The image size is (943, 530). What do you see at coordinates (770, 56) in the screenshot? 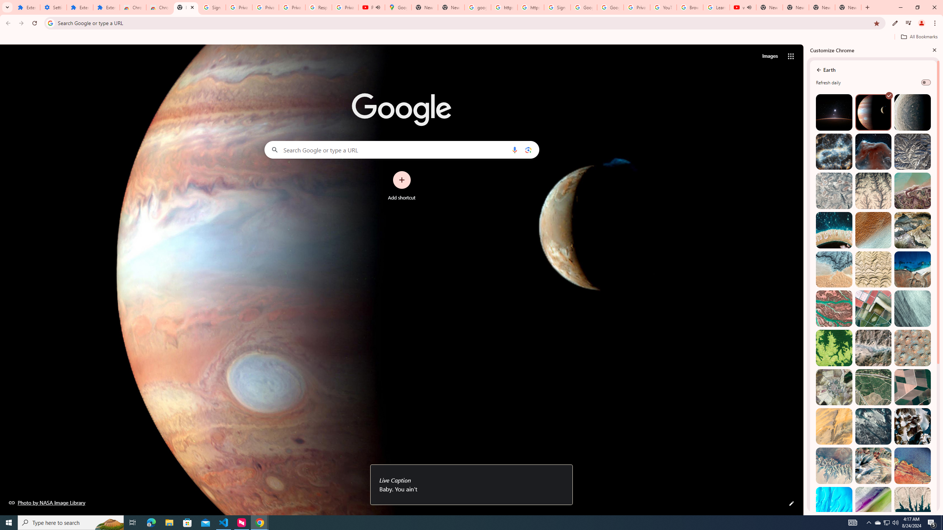
I see `'Search for Images '` at bounding box center [770, 56].